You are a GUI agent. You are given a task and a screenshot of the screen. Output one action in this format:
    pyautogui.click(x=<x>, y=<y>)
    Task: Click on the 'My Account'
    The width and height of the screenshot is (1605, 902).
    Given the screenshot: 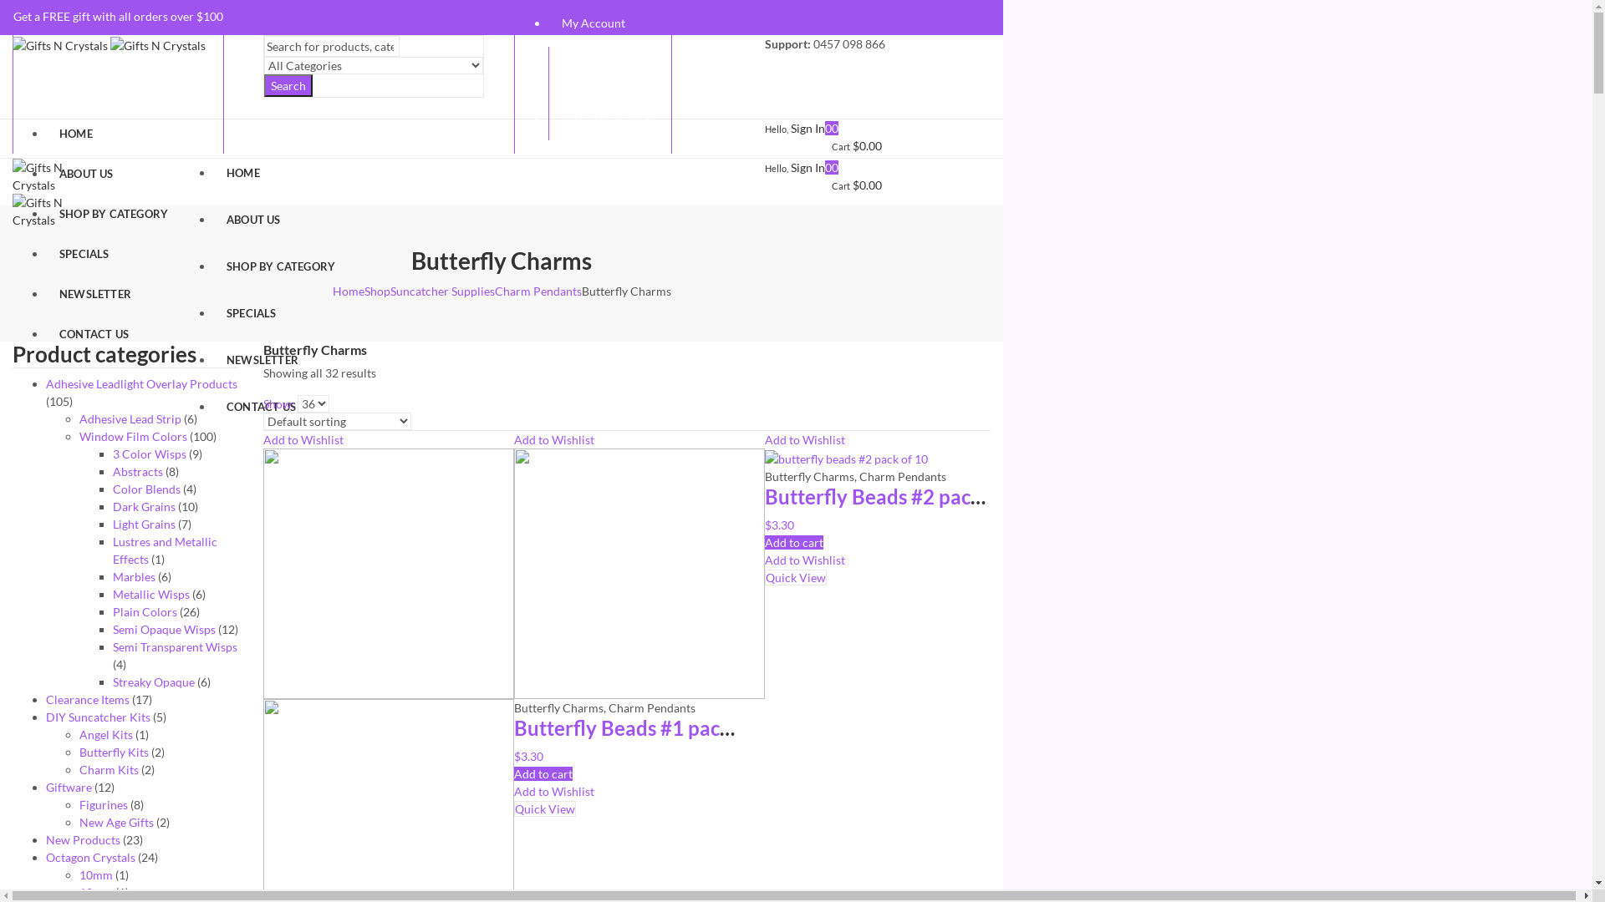 What is the action you would take?
    pyautogui.click(x=609, y=23)
    